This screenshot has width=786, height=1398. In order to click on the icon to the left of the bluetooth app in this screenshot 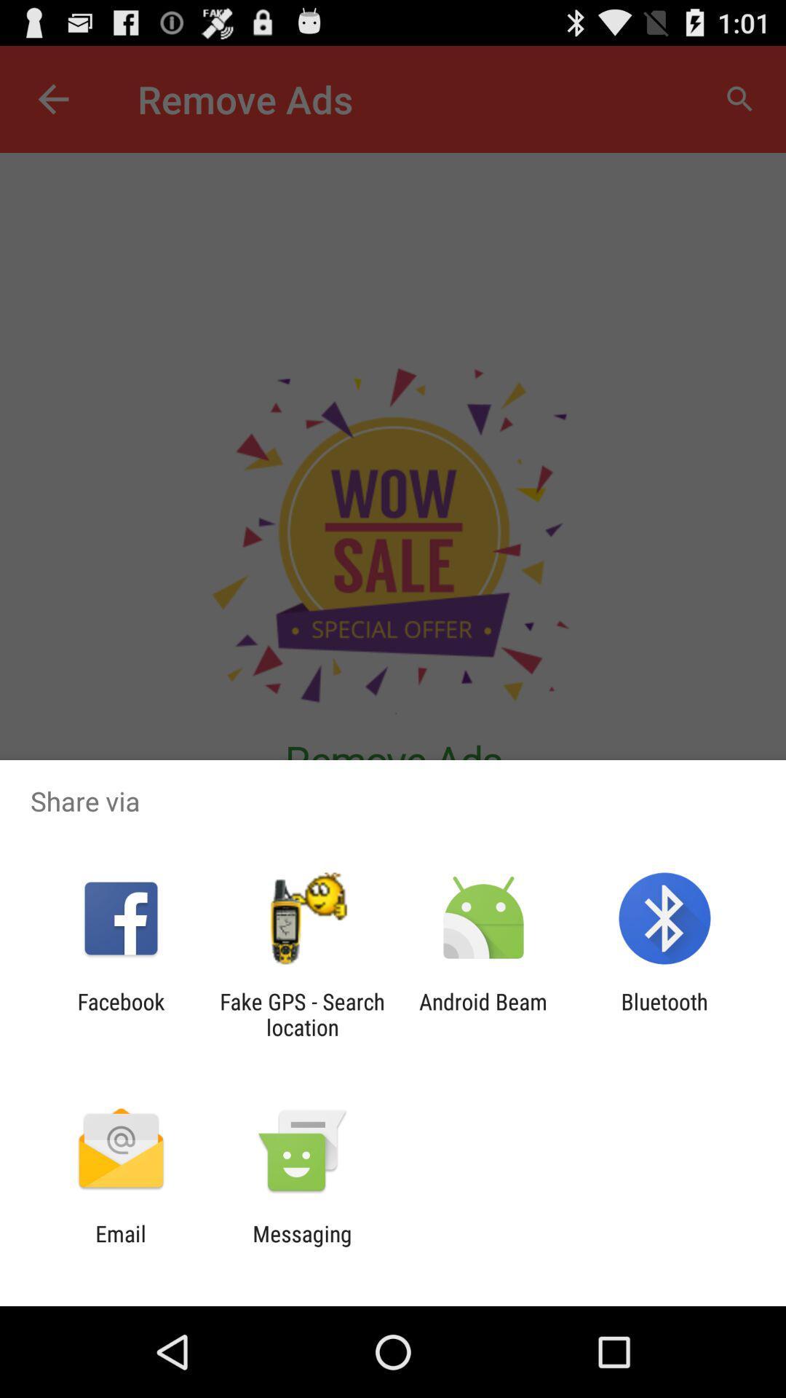, I will do `click(483, 1014)`.